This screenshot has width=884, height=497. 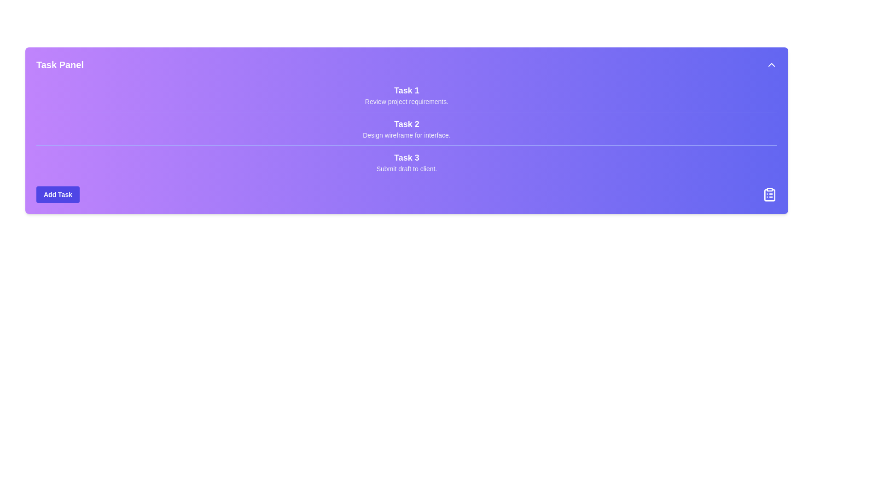 I want to click on the text label heading displaying 'Task 1' to possibly reveal additional options, so click(x=406, y=90).